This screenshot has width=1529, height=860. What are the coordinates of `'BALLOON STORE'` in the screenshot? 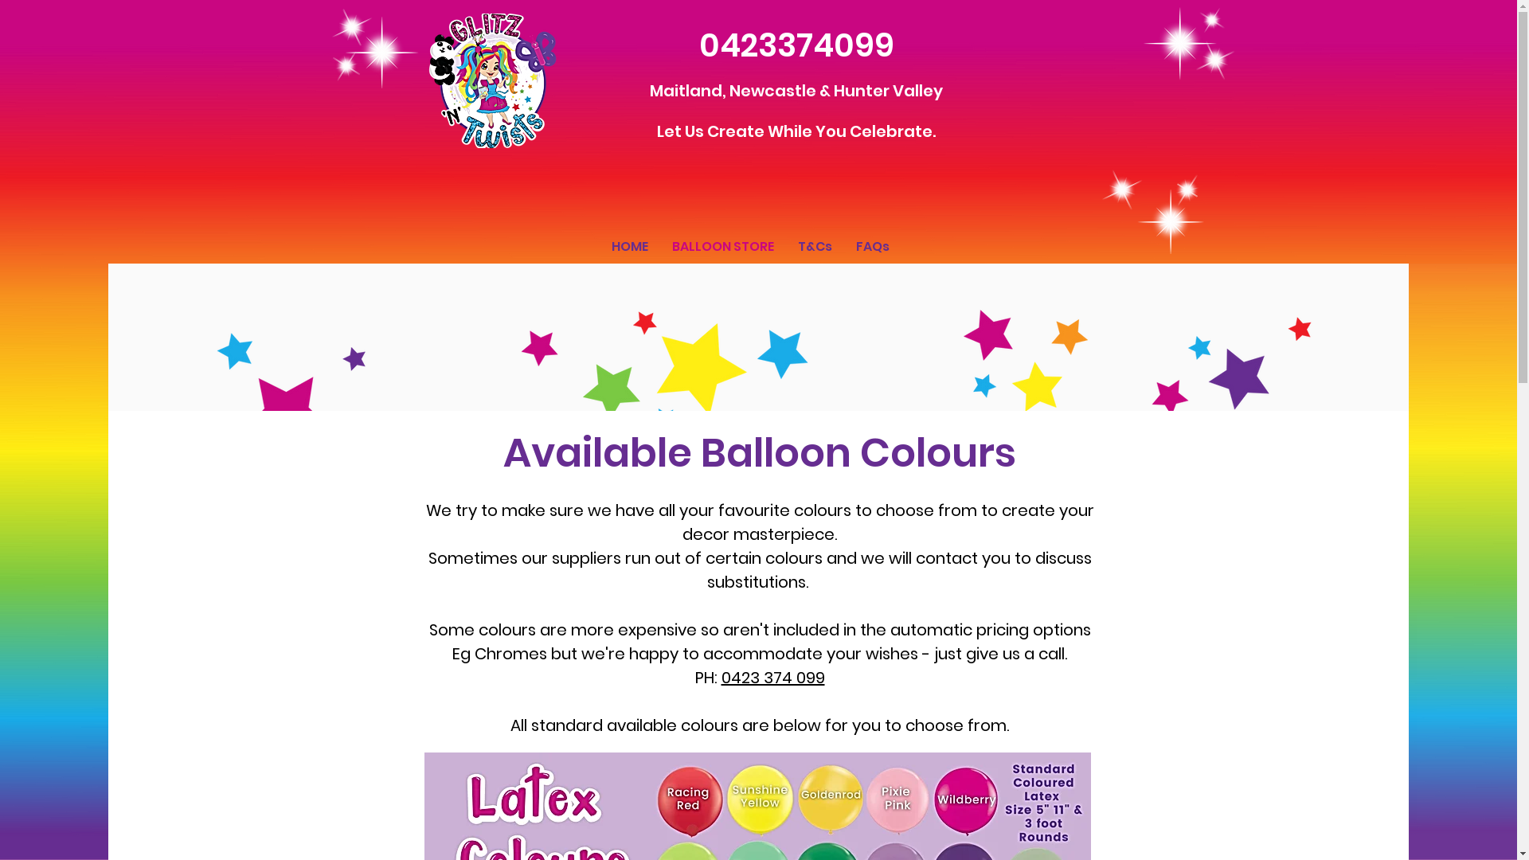 It's located at (721, 246).